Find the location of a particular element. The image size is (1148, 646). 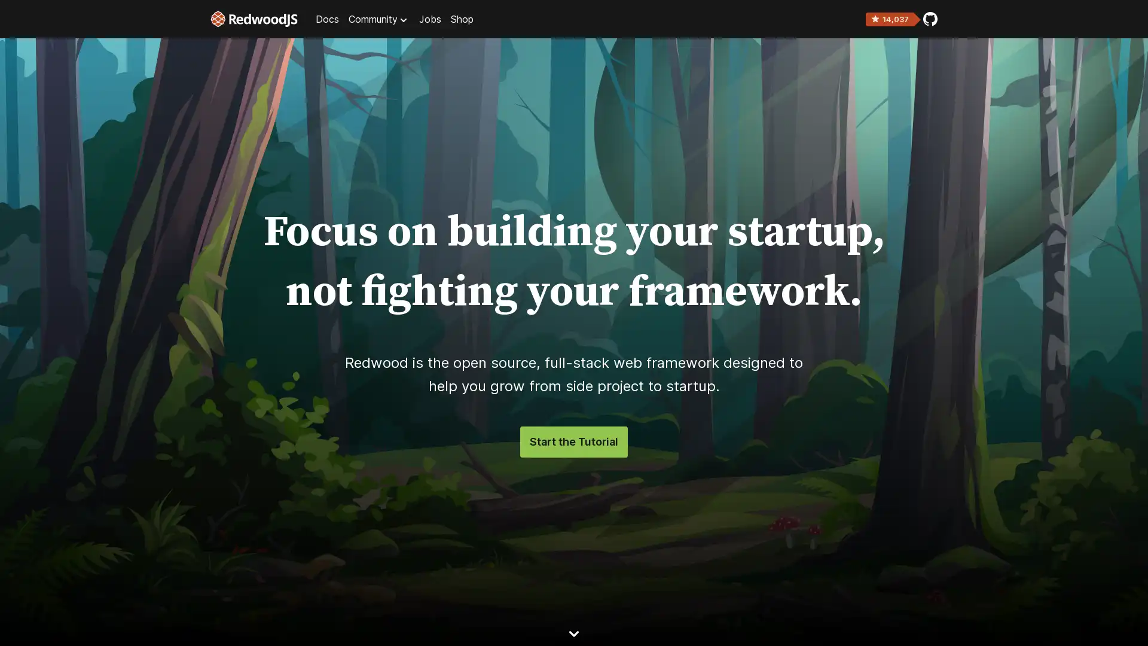

Community is located at coordinates (378, 19).